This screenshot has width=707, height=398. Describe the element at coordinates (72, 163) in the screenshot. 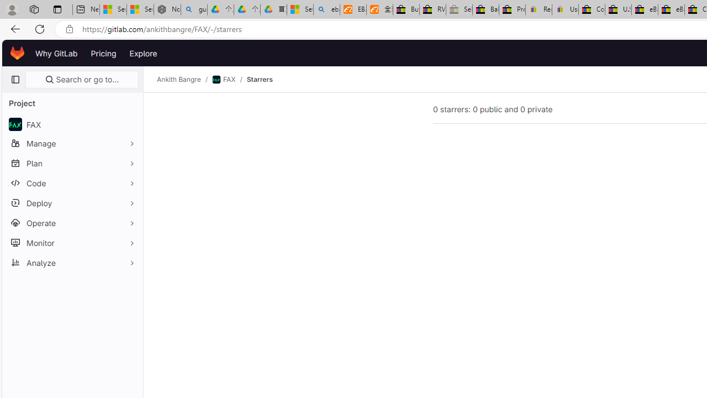

I see `'Plan'` at that location.